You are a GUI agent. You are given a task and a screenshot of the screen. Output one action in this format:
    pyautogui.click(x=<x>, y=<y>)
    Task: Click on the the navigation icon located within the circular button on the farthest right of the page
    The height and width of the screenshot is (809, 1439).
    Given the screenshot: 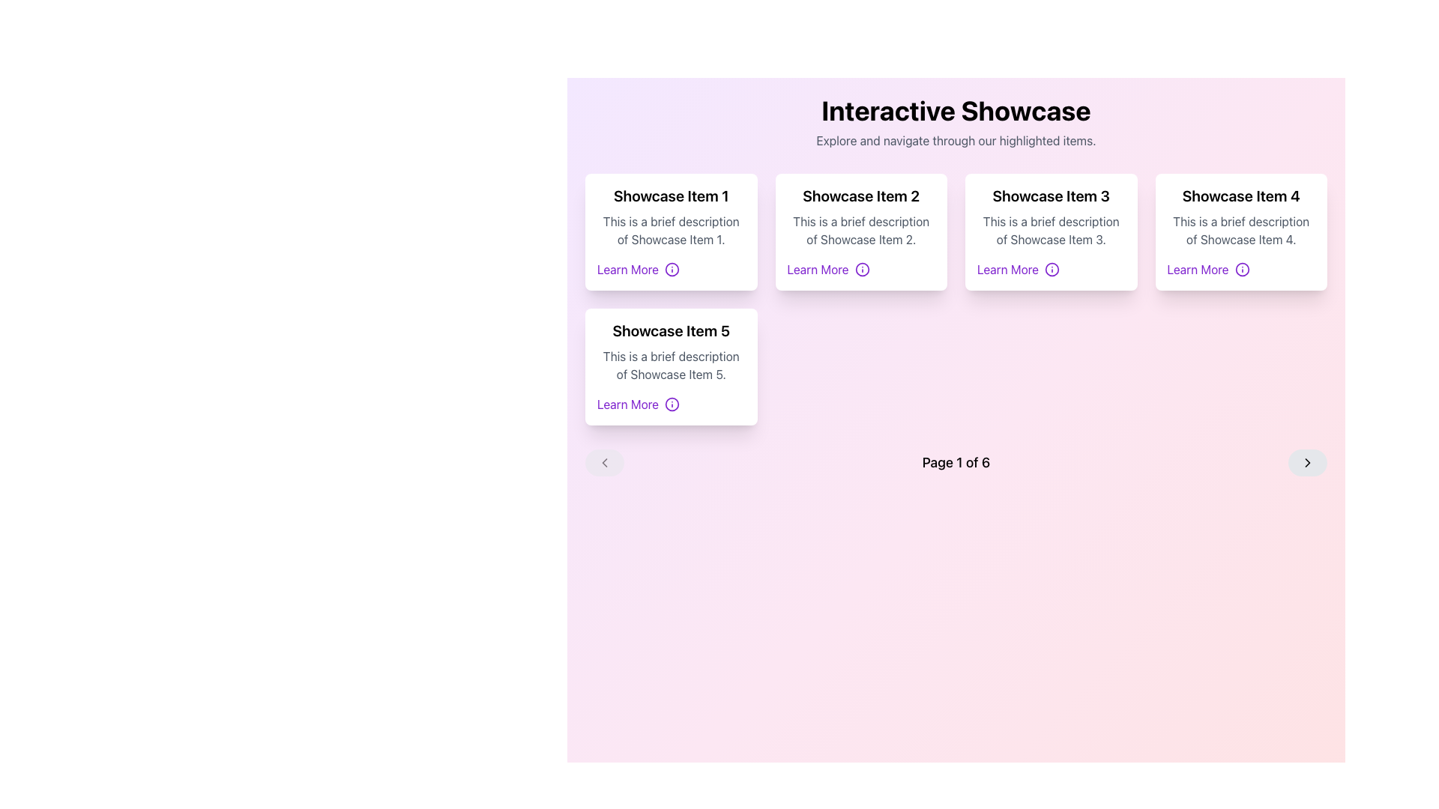 What is the action you would take?
    pyautogui.click(x=1306, y=461)
    